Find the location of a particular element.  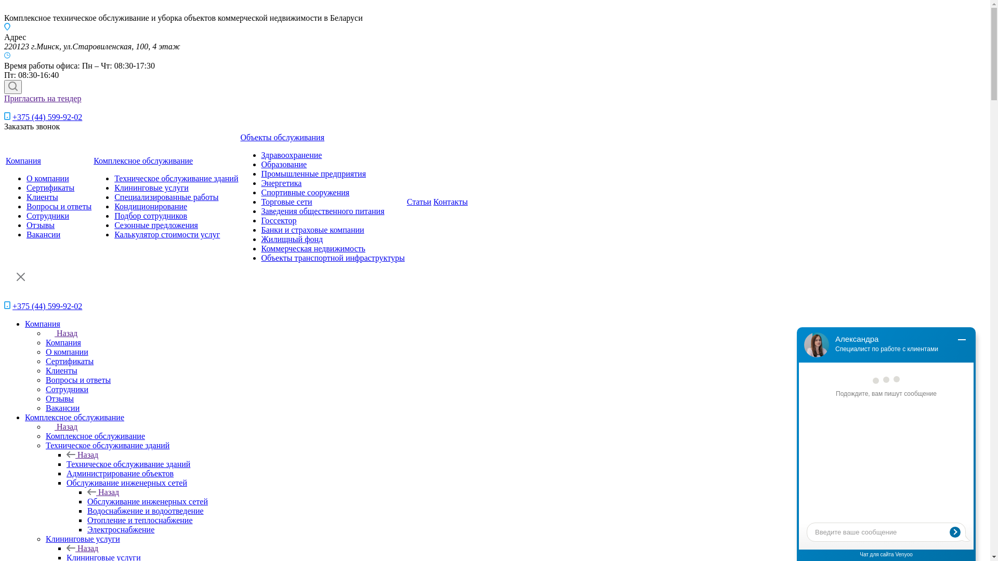

'+375 (44) 599-92-02' is located at coordinates (47, 117).